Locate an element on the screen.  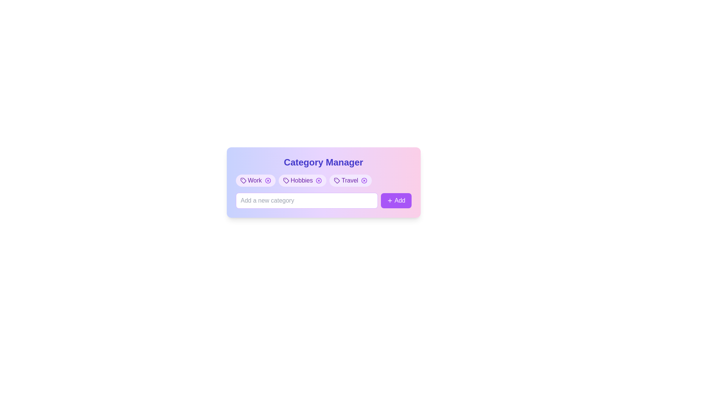
the 'Hobbies' category chip, which is the second pill-shaped item under the 'Category Manager' header, to interact with the tag is located at coordinates (302, 181).